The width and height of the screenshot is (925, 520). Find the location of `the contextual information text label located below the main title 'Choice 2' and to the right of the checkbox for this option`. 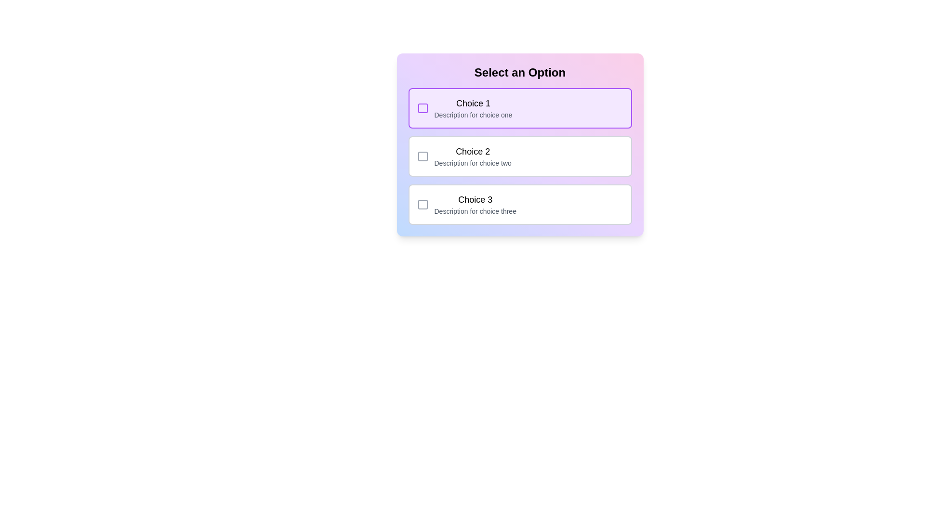

the contextual information text label located below the main title 'Choice 2' and to the right of the checkbox for this option is located at coordinates (473, 163).